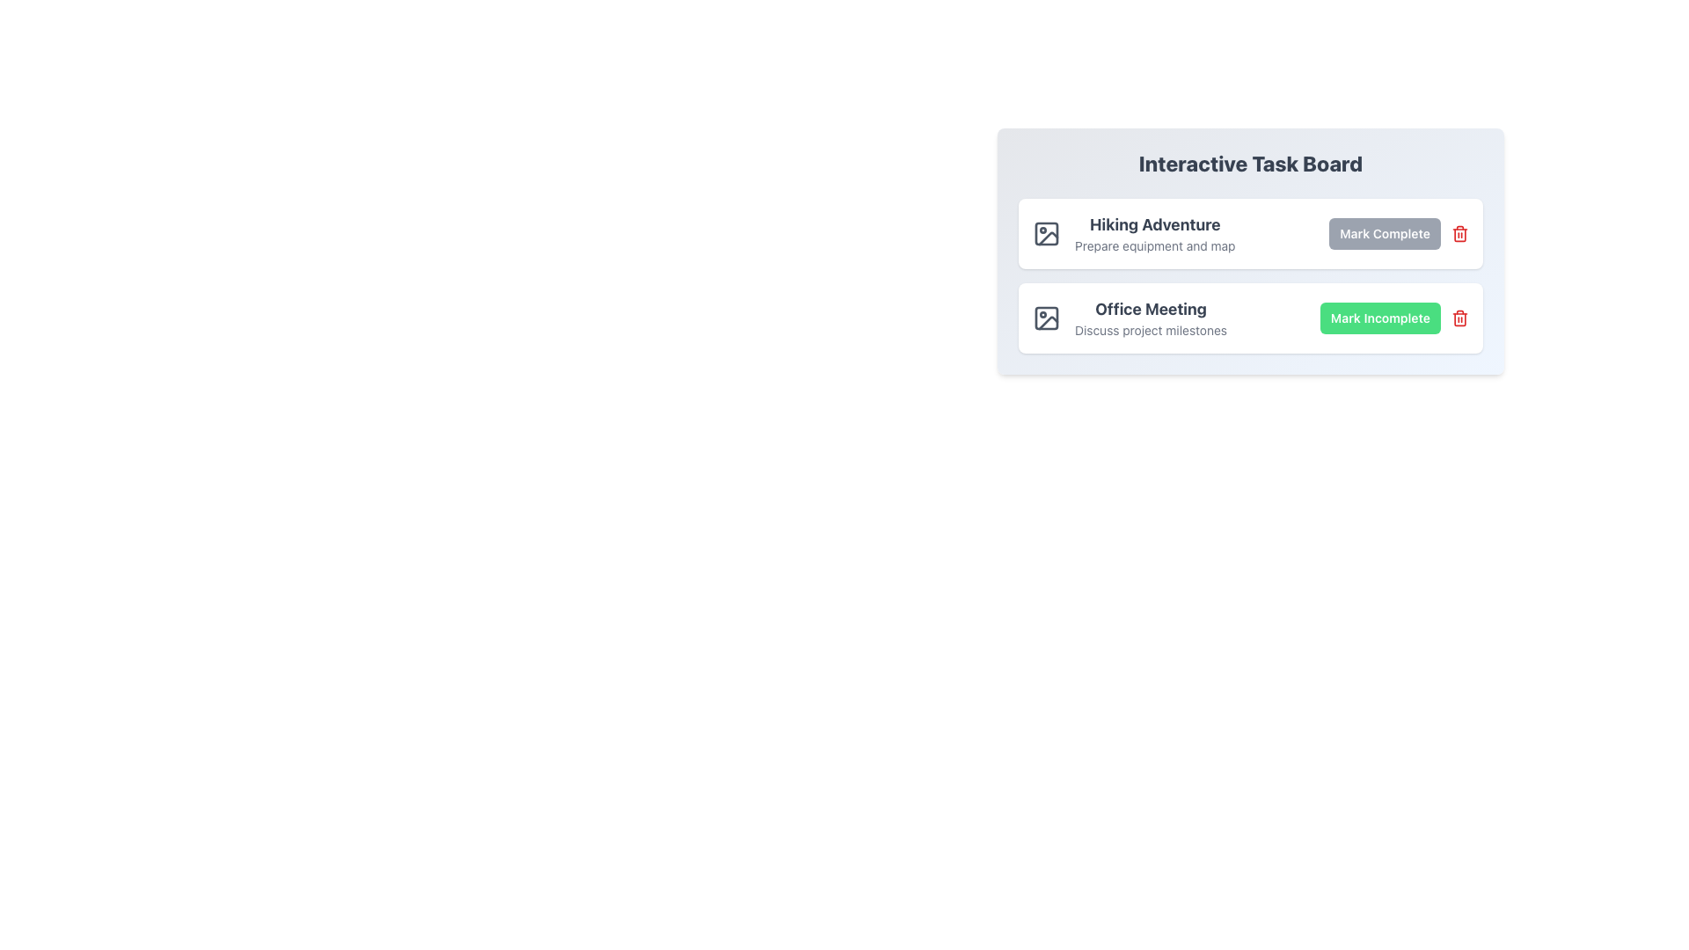 This screenshot has width=1689, height=950. What do you see at coordinates (1047, 318) in the screenshot?
I see `the Image icon (SVG) located to the left of the 'Office Meeting' text` at bounding box center [1047, 318].